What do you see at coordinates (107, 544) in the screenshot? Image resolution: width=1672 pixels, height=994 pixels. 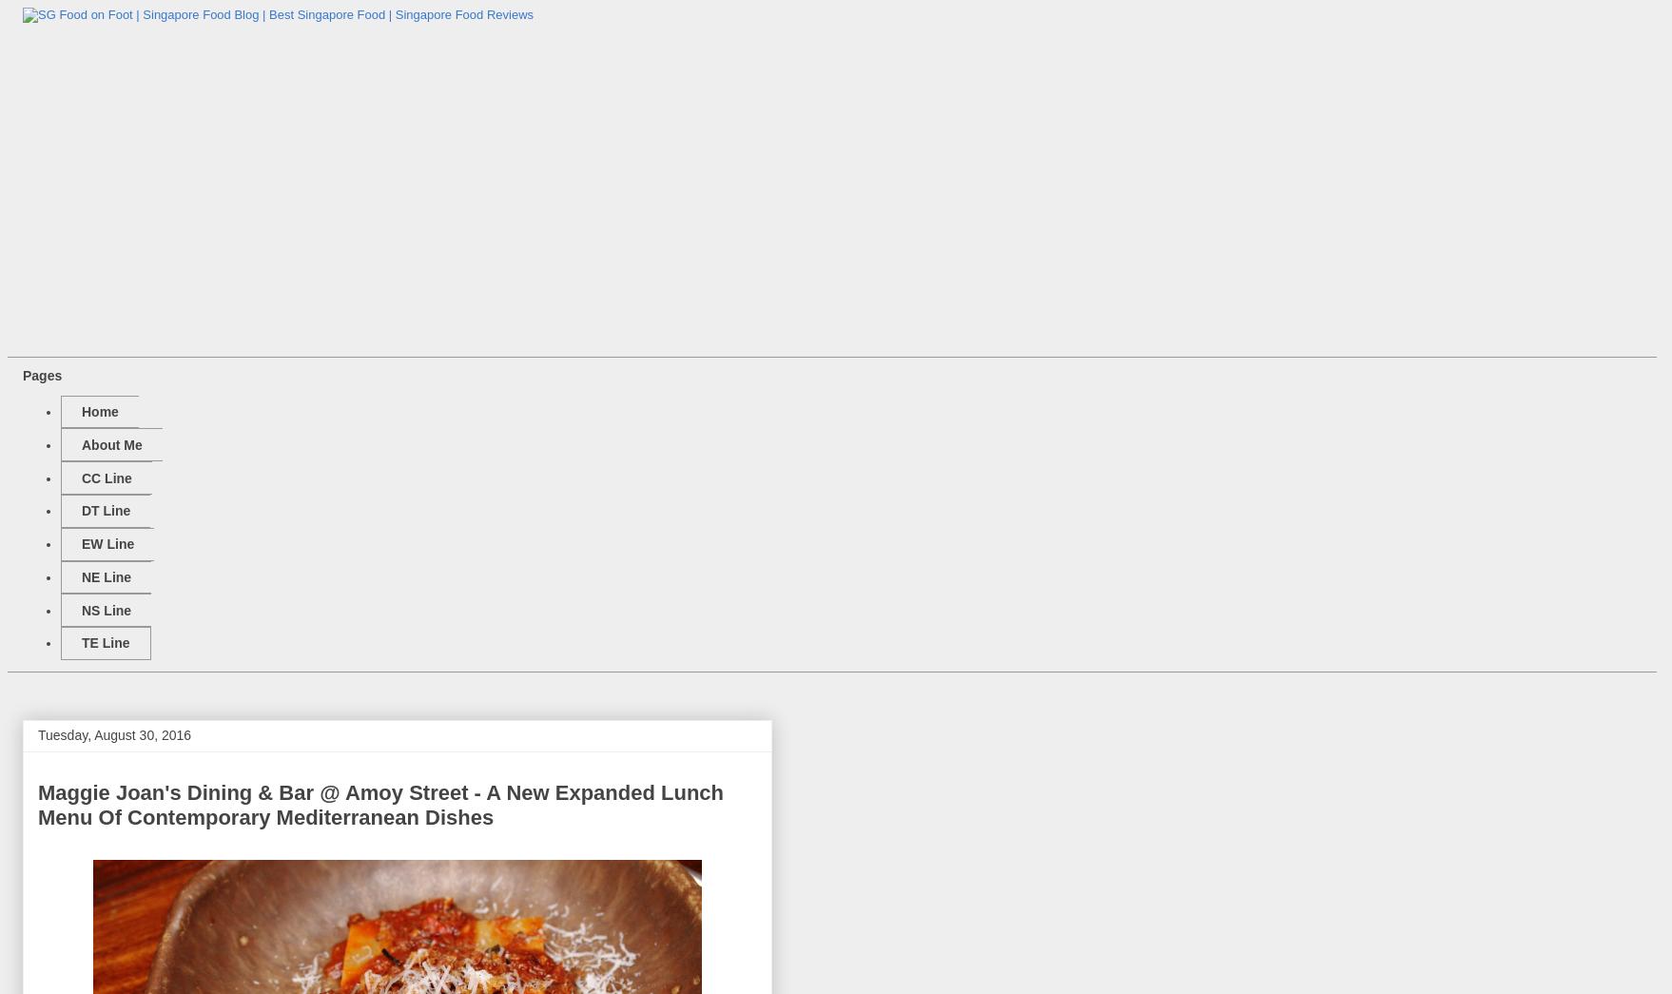 I see `'EW Line'` at bounding box center [107, 544].